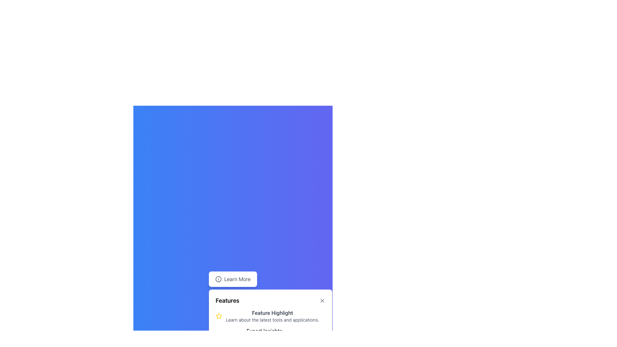 This screenshot has width=617, height=347. Describe the element at coordinates (270, 316) in the screenshot. I see `the static informational component featuring a yellow star-shaped icon and the text 'Feature Highlight' and 'Learn about the latest tools and applications.'` at that location.